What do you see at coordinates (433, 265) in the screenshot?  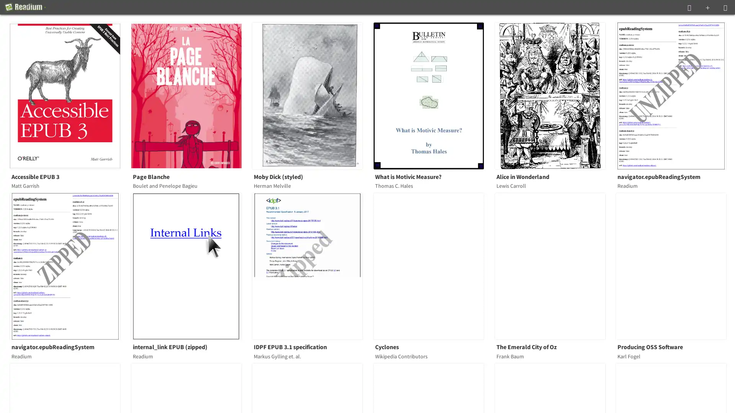 I see `(10) Cyclones` at bounding box center [433, 265].